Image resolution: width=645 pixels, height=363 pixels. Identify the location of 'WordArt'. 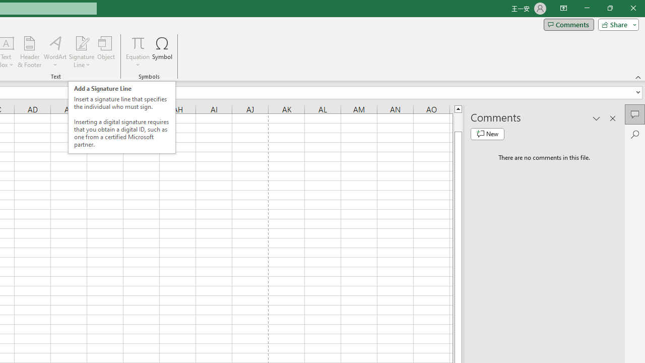
(54, 52).